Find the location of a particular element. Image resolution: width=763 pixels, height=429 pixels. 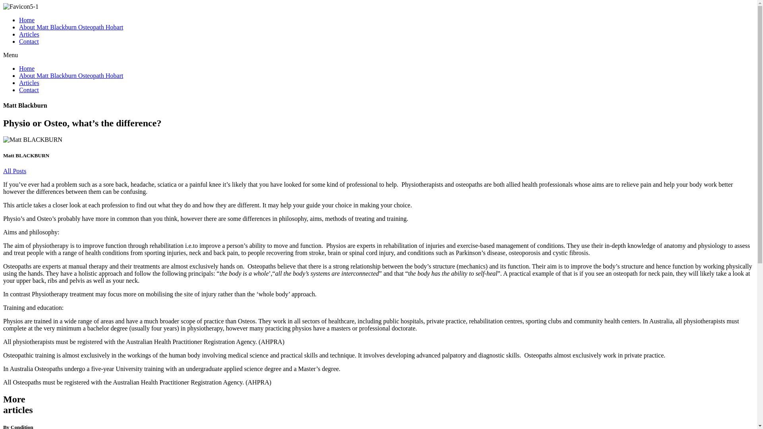

'About Matt Blackburn Osteopath Hobart' is located at coordinates (71, 75).